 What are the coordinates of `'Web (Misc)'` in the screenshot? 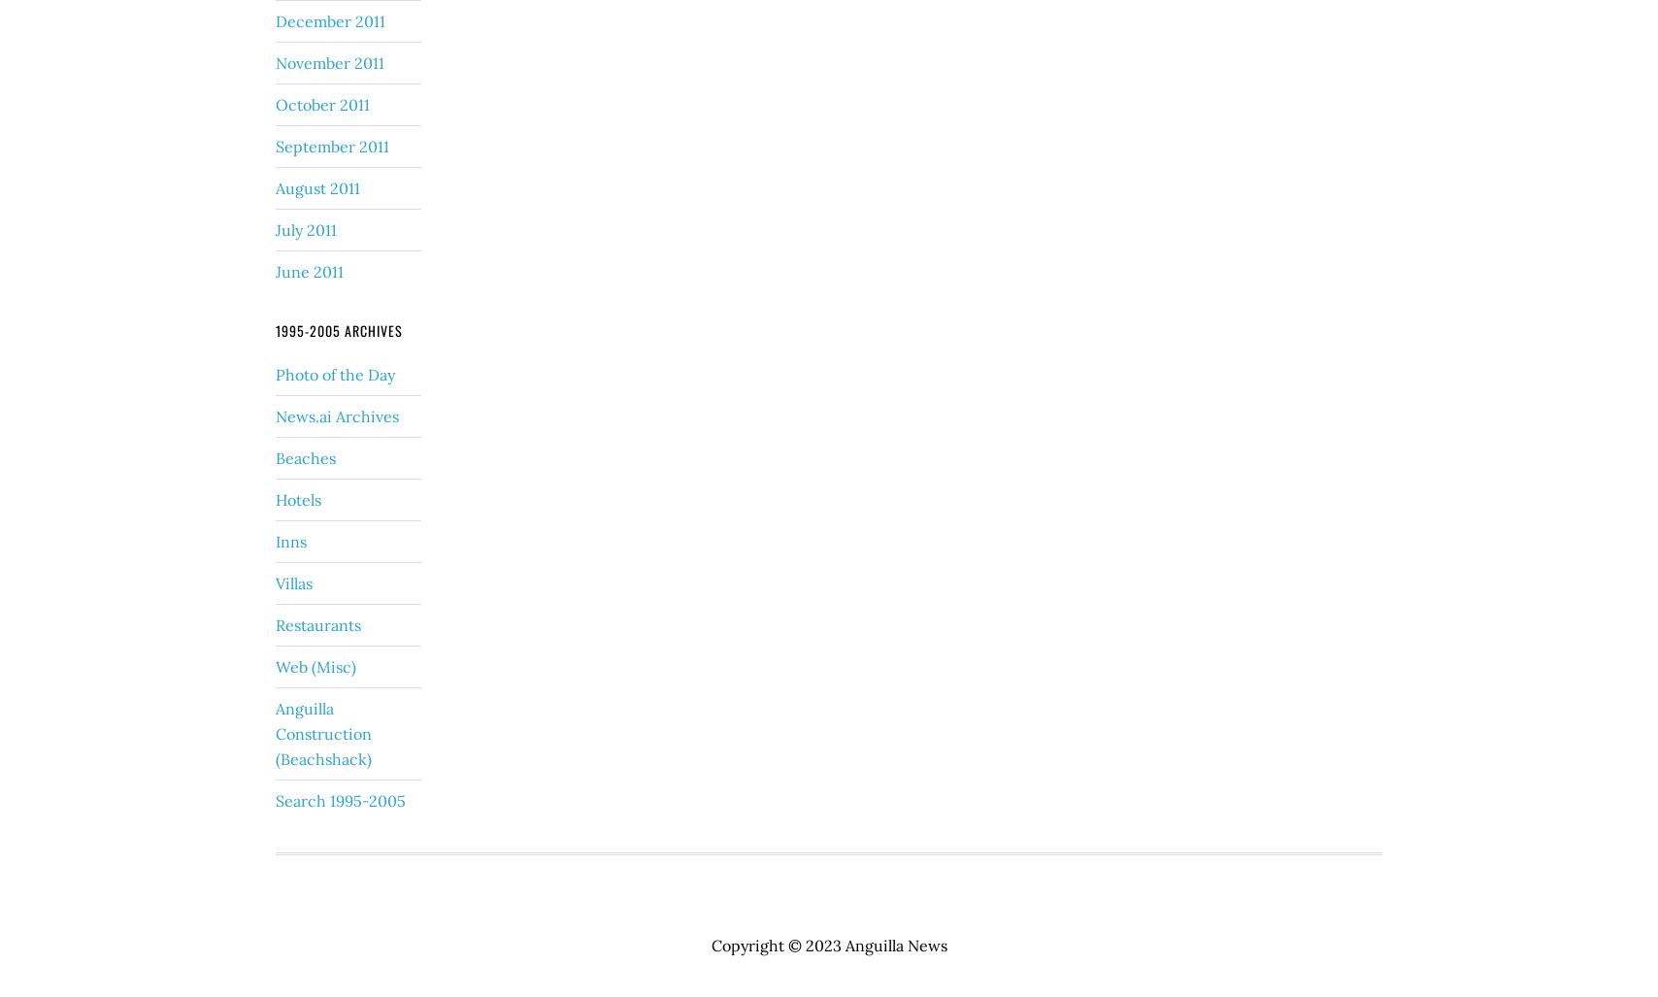 It's located at (276, 666).